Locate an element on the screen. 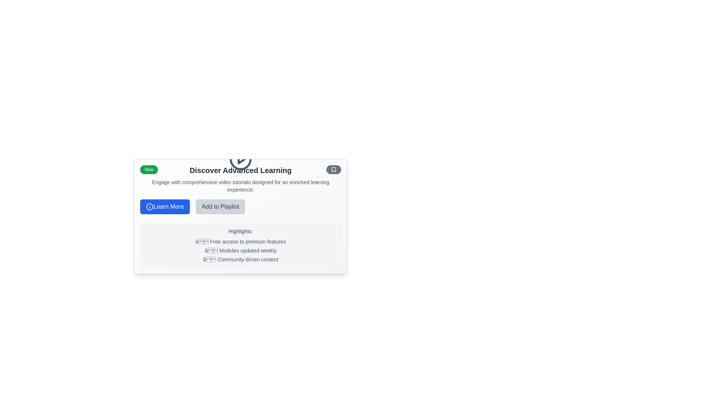  the play button located at the center of the interface, positioned above the 'Discover Advanced Learning' section, to observe the hover effect is located at coordinates (240, 159).